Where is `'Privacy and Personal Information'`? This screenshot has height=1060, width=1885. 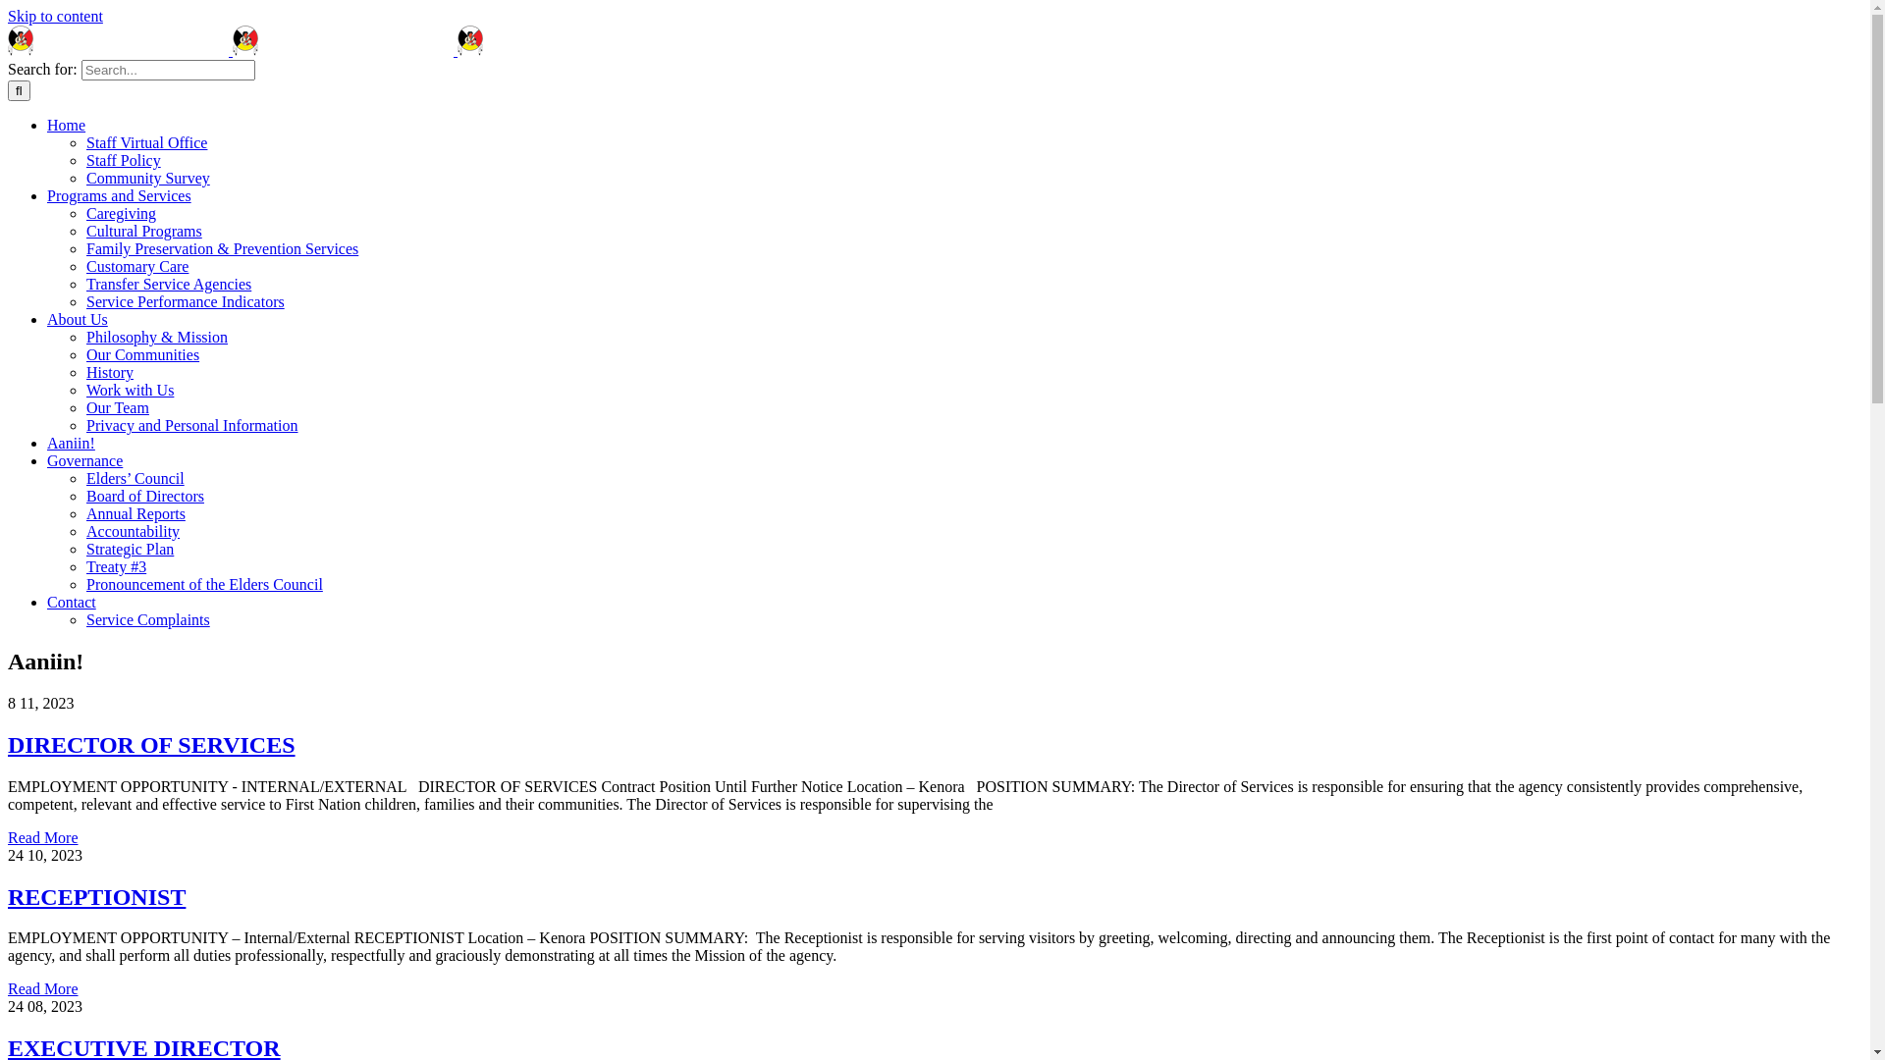 'Privacy and Personal Information' is located at coordinates (192, 424).